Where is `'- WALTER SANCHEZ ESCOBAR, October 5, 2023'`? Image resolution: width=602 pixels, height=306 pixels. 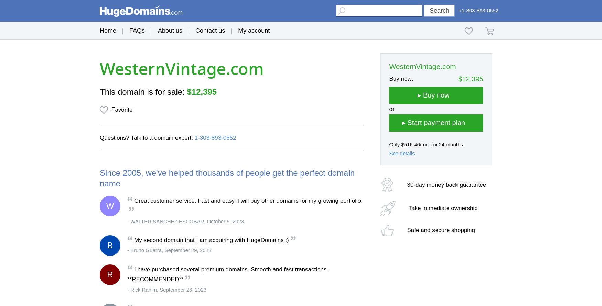 '- WALTER SANCHEZ ESCOBAR, October 5, 2023' is located at coordinates (185, 220).